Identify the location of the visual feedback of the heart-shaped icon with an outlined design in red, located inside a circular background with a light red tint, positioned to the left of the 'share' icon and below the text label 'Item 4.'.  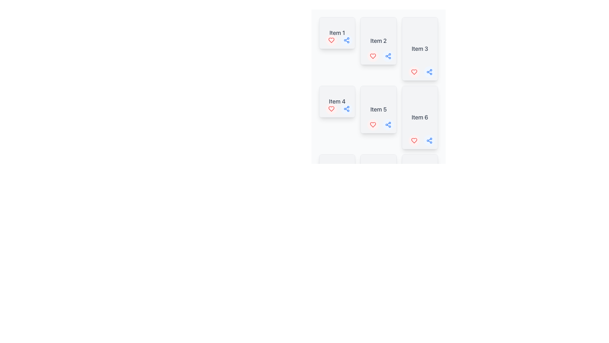
(331, 109).